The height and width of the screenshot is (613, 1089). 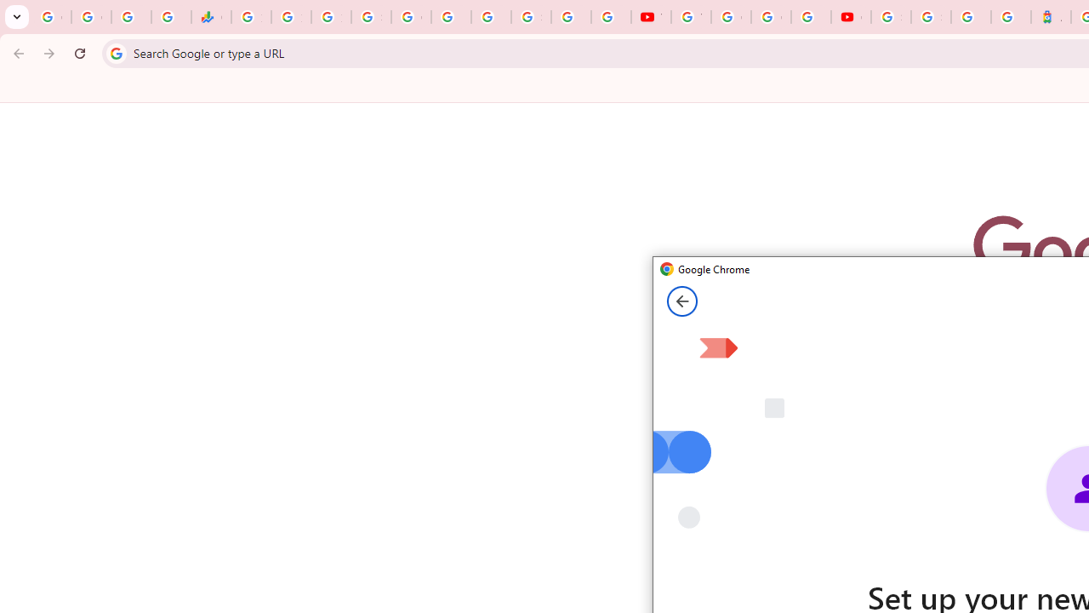 I want to click on 'Atour Hotel - Google hotels', so click(x=1050, y=17).